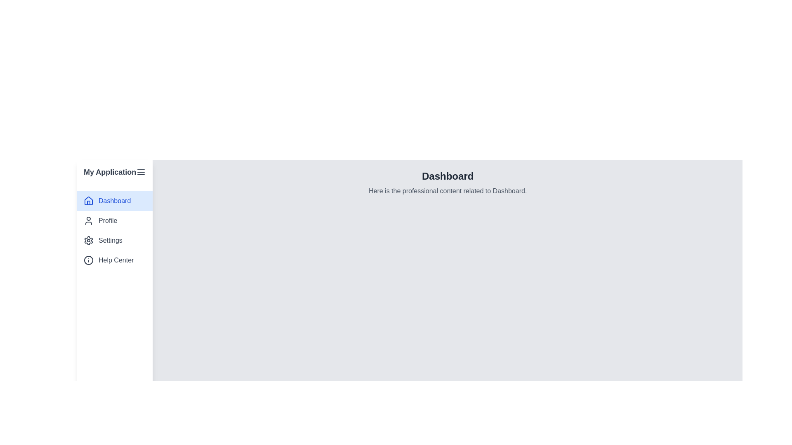 The height and width of the screenshot is (445, 792). I want to click on the second entry in the vertical list of options within the side navigation bar, so click(114, 220).